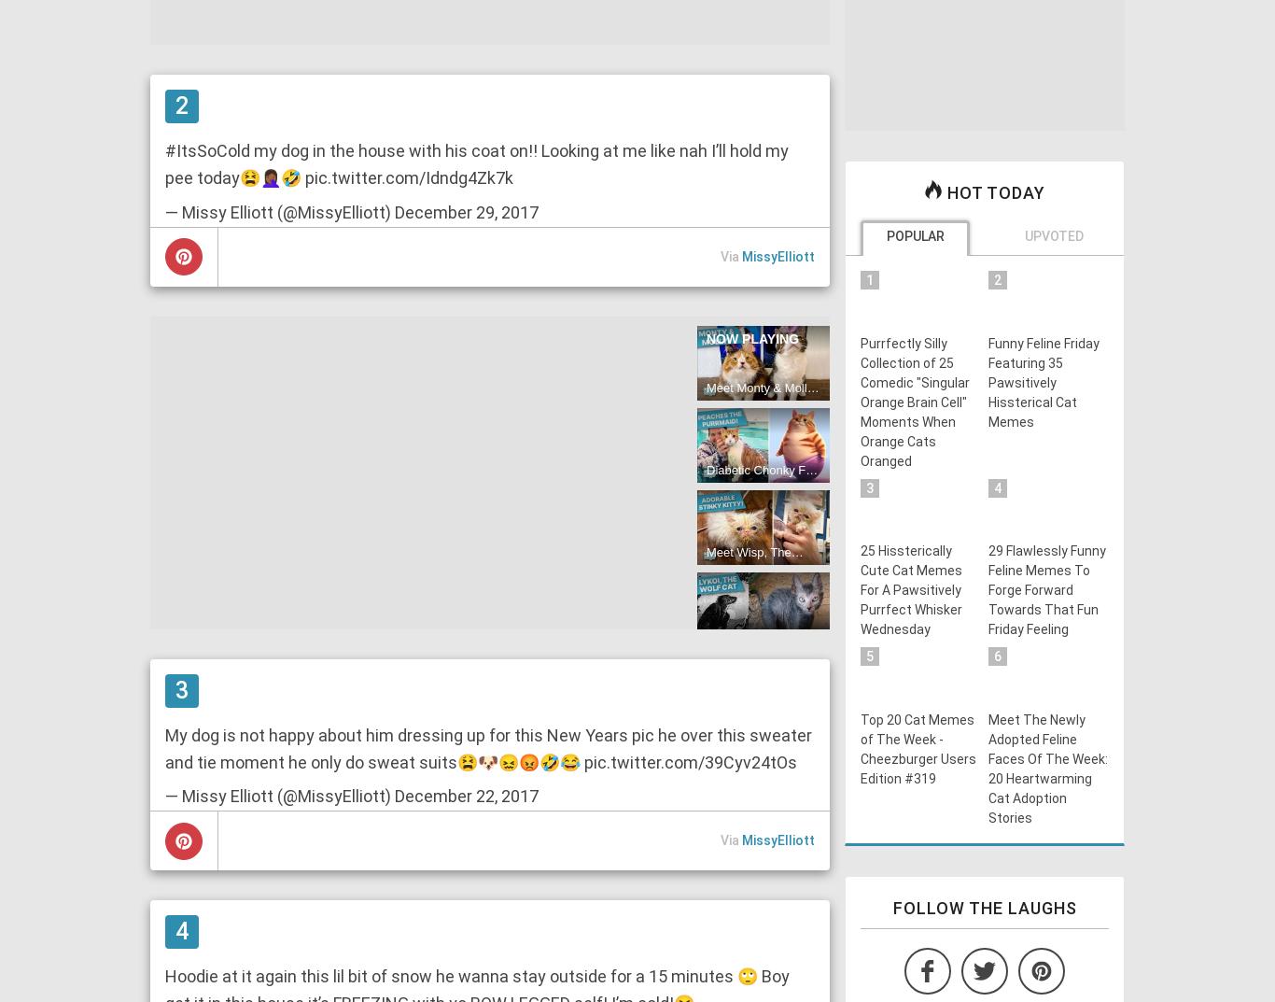 The width and height of the screenshot is (1275, 1002). What do you see at coordinates (477, 162) in the screenshot?
I see `'my dog in the house with his coat on!! Looking at me like nah I’ll hold my pee today😫🤦🏾‍♀️🤣'` at bounding box center [477, 162].